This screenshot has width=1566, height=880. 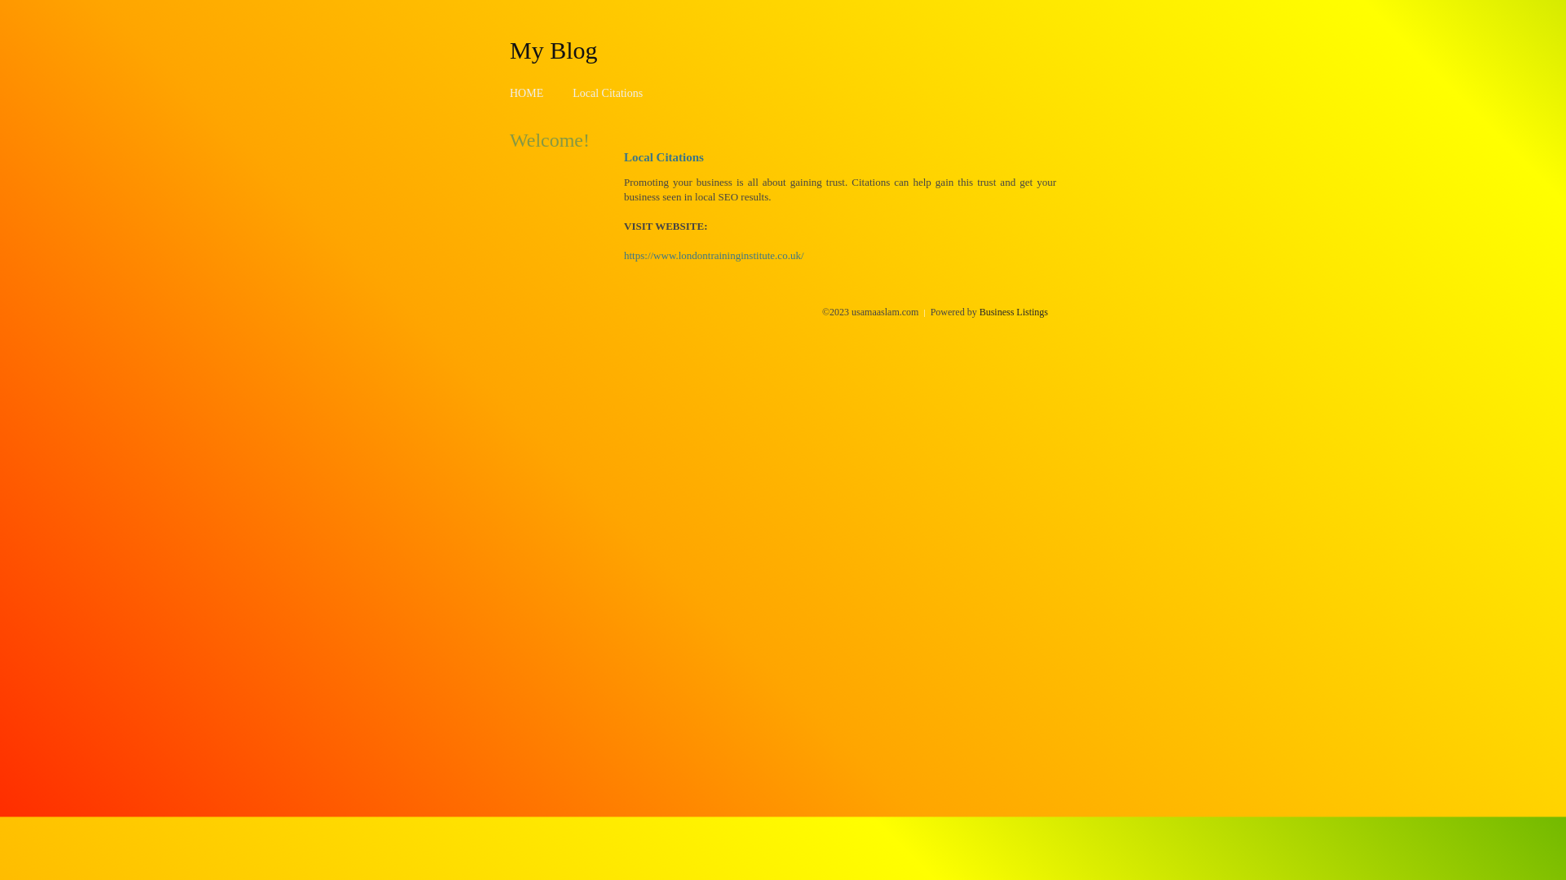 What do you see at coordinates (553, 49) in the screenshot?
I see `'My Blog'` at bounding box center [553, 49].